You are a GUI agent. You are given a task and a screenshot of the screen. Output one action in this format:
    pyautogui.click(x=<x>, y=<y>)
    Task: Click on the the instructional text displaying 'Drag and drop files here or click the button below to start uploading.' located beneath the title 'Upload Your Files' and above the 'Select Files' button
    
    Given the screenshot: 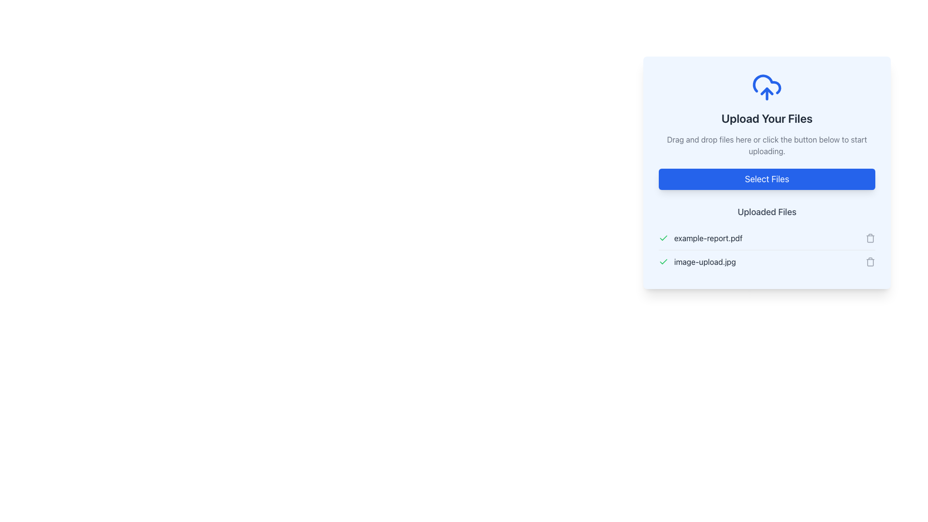 What is the action you would take?
    pyautogui.click(x=767, y=145)
    